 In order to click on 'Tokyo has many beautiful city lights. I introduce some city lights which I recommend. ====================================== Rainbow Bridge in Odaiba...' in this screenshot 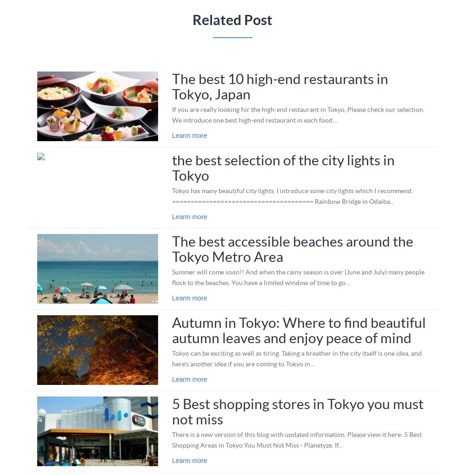, I will do `click(292, 195)`.